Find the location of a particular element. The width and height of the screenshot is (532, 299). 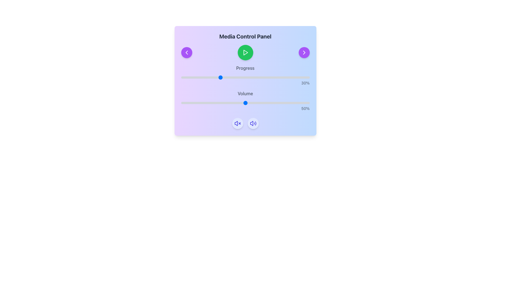

the mute symbol element, which is part of the sound control icon in the bottom center of the media control panel is located at coordinates (236, 123).